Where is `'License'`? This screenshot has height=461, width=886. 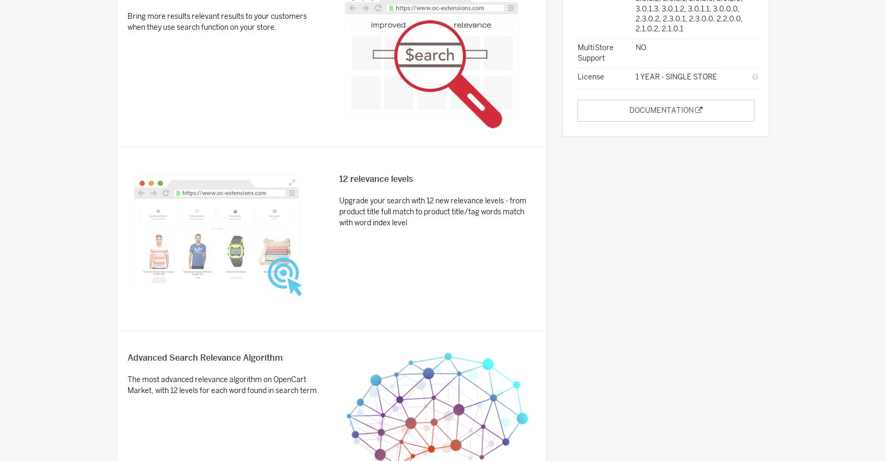 'License' is located at coordinates (577, 77).